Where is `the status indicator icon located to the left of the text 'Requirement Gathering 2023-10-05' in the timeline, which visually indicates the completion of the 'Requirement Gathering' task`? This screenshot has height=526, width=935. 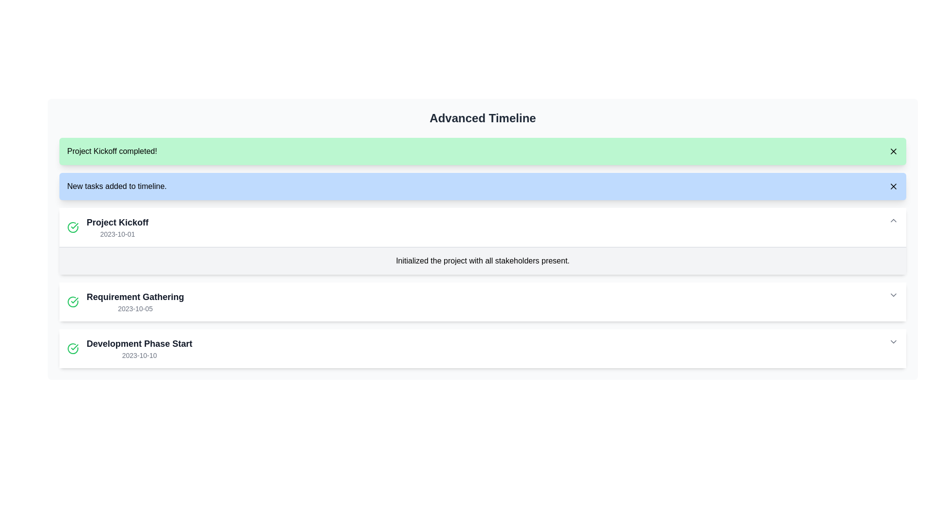
the status indicator icon located to the left of the text 'Requirement Gathering 2023-10-05' in the timeline, which visually indicates the completion of the 'Requirement Gathering' task is located at coordinates (72, 301).